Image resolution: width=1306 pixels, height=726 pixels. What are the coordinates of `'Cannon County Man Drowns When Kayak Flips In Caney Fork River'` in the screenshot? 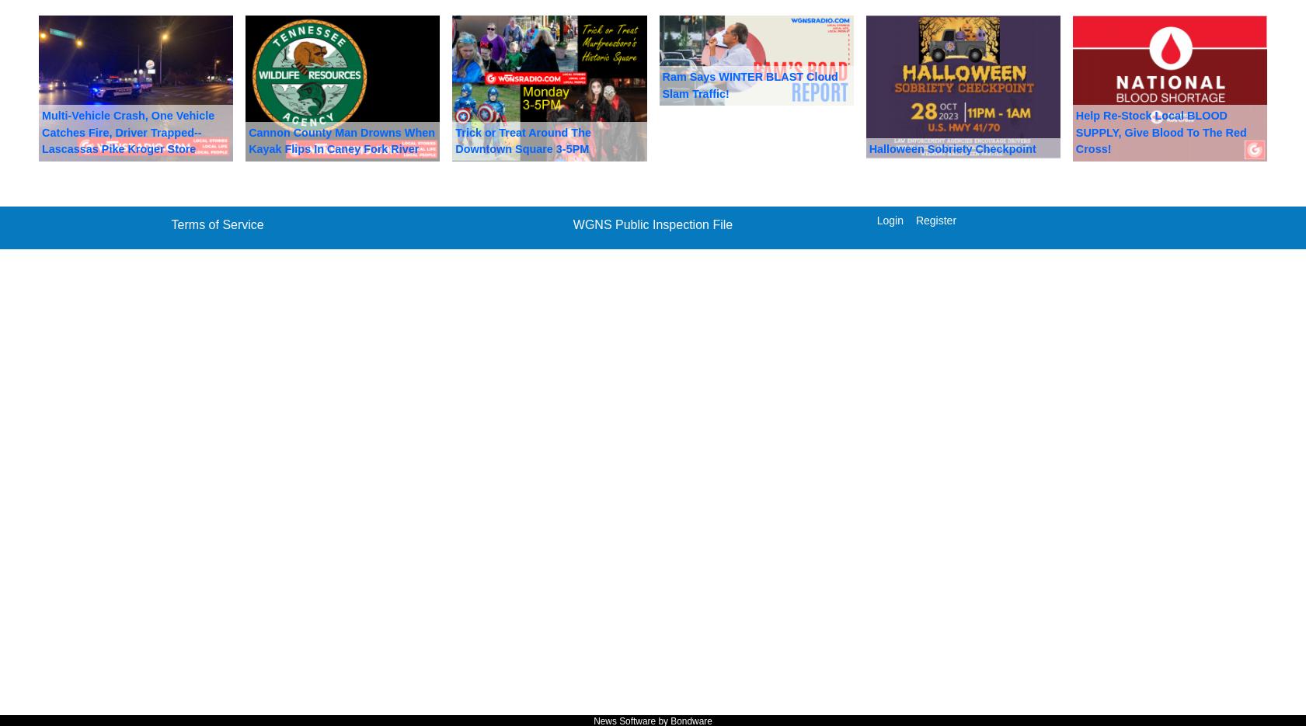 It's located at (340, 140).